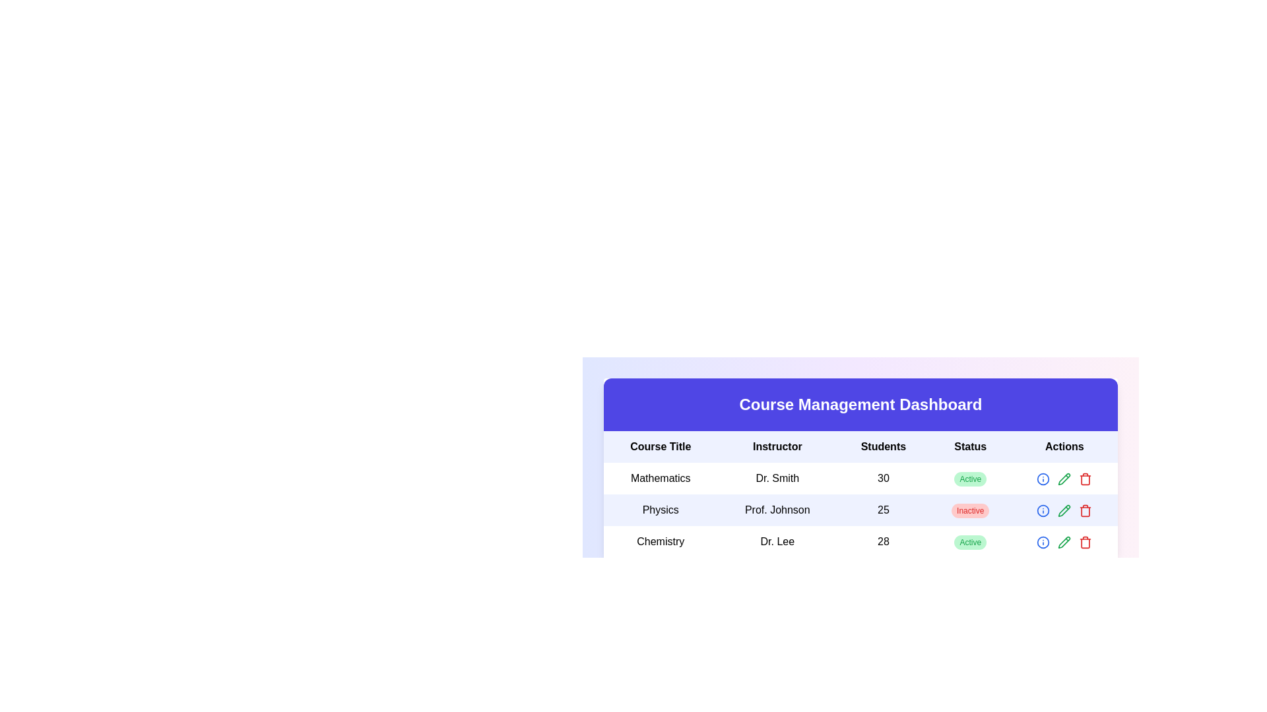  Describe the element at coordinates (777, 510) in the screenshot. I see `the text label displaying 'Prof. Johnson' which is styled with class attribute 'py-3 px-4' and is located under the 'Instructor' column in the second row of the table` at that location.